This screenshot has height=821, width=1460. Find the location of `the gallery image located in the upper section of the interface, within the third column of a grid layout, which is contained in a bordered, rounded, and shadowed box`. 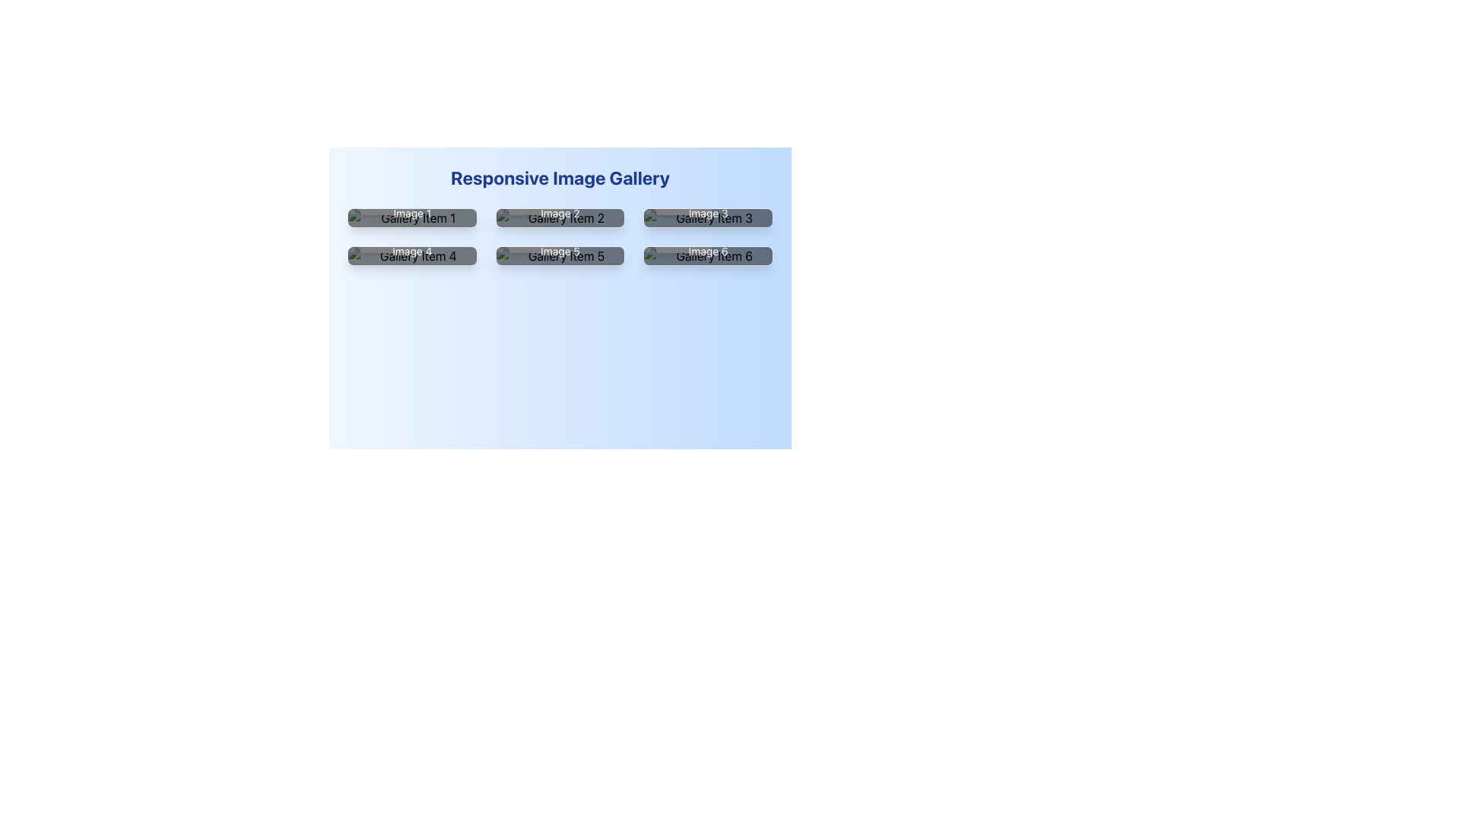

the gallery image located in the upper section of the interface, within the third column of a grid layout, which is contained in a bordered, rounded, and shadowed box is located at coordinates (707, 217).